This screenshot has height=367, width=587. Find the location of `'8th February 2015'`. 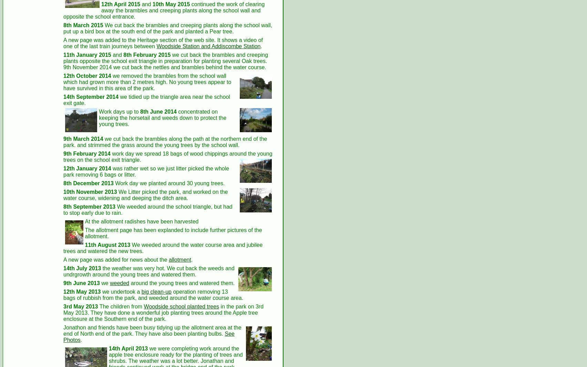

'8th February 2015' is located at coordinates (123, 54).